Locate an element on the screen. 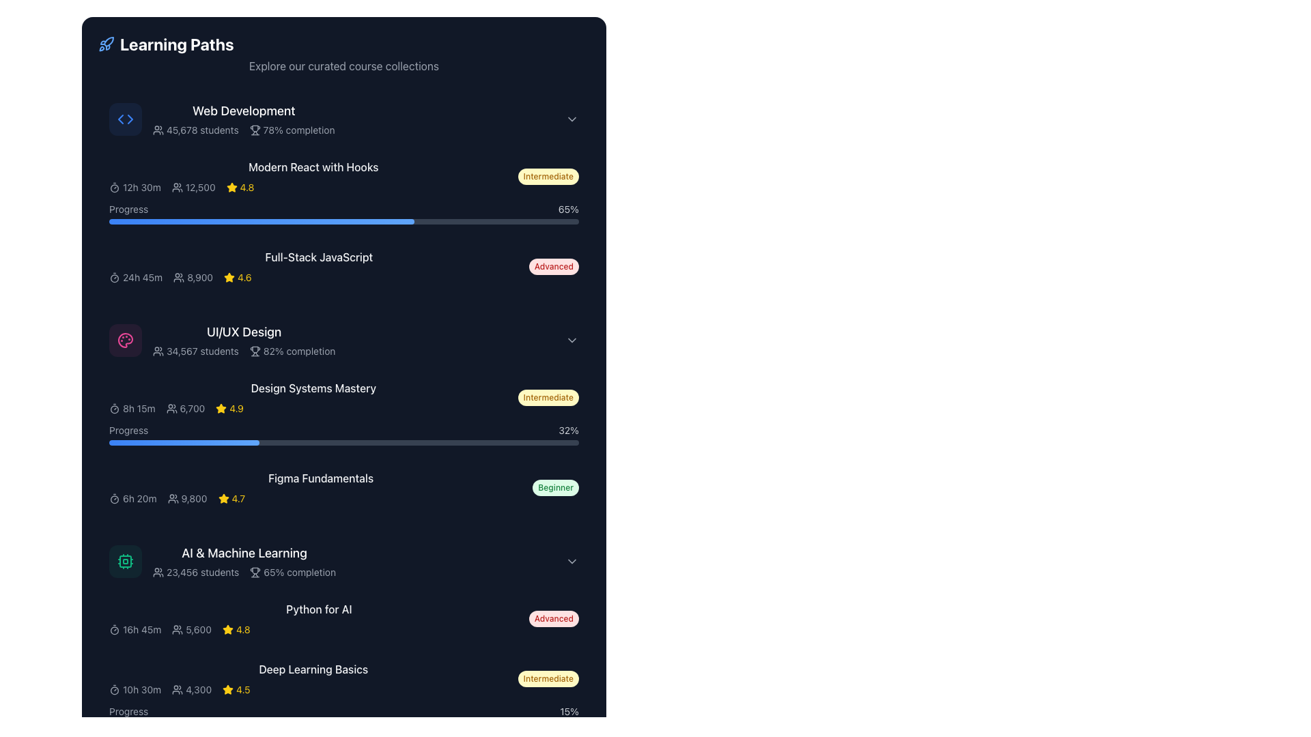 The width and height of the screenshot is (1311, 737). the user count icon located in the 'Python for AI' subsection under the AI & Machine Learning section, which visually represents the number of participants with the count '5,600' is located at coordinates (177, 629).